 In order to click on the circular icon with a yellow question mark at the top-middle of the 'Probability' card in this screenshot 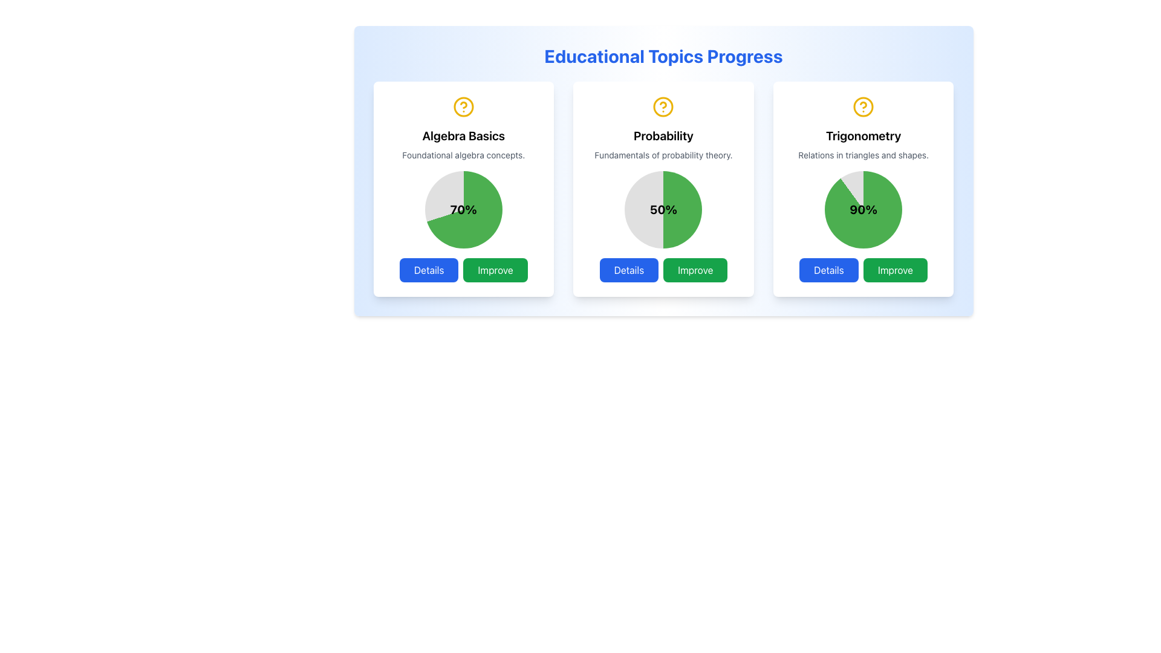, I will do `click(663, 106)`.